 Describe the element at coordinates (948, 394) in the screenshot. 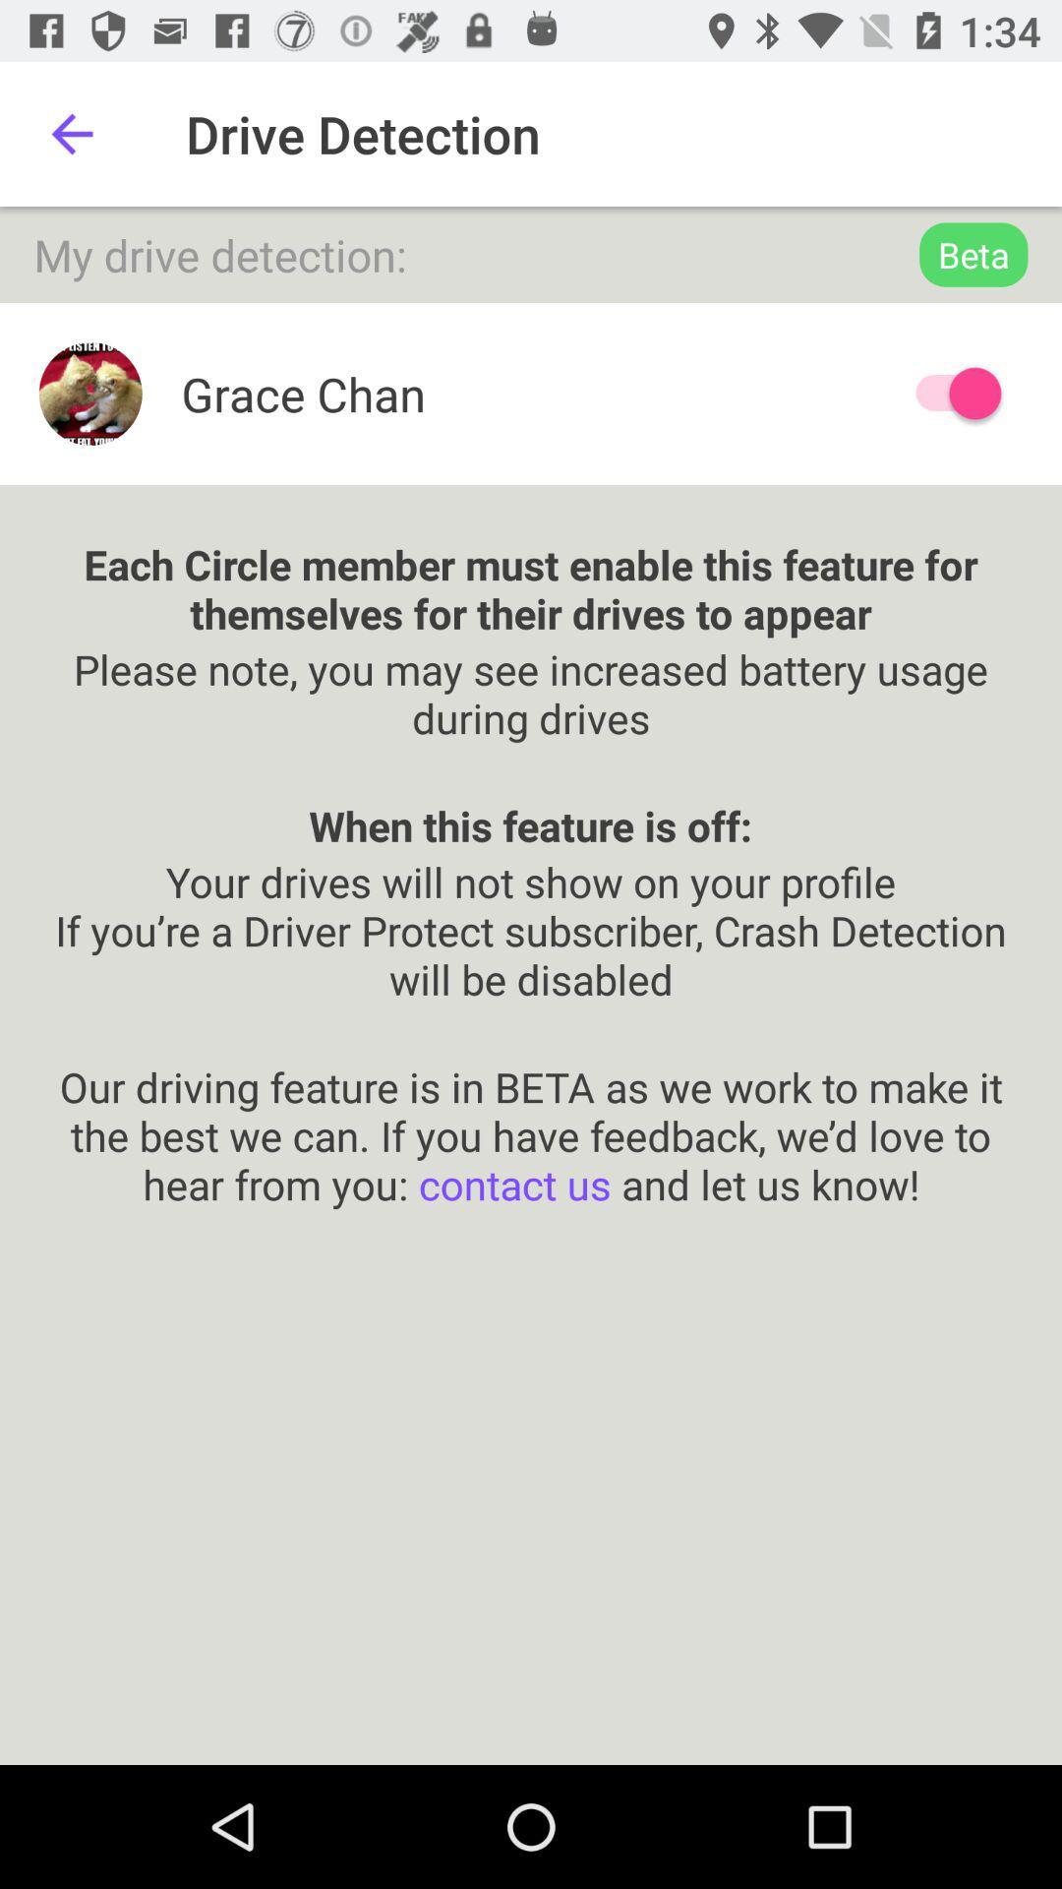

I see `icon below my drive detection:` at that location.